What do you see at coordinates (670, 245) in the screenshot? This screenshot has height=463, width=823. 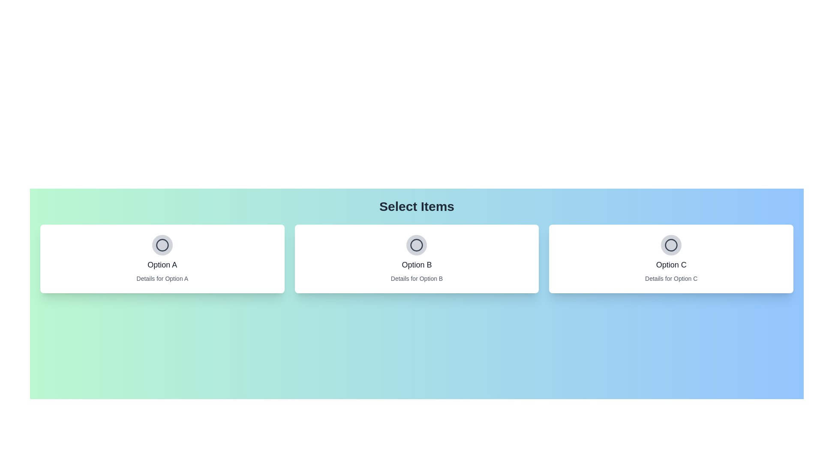 I see `the item identified by Option C` at bounding box center [670, 245].